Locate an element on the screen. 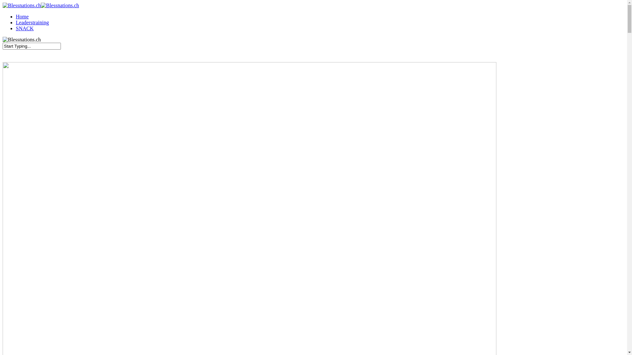  'Leaderstraining' is located at coordinates (16, 22).